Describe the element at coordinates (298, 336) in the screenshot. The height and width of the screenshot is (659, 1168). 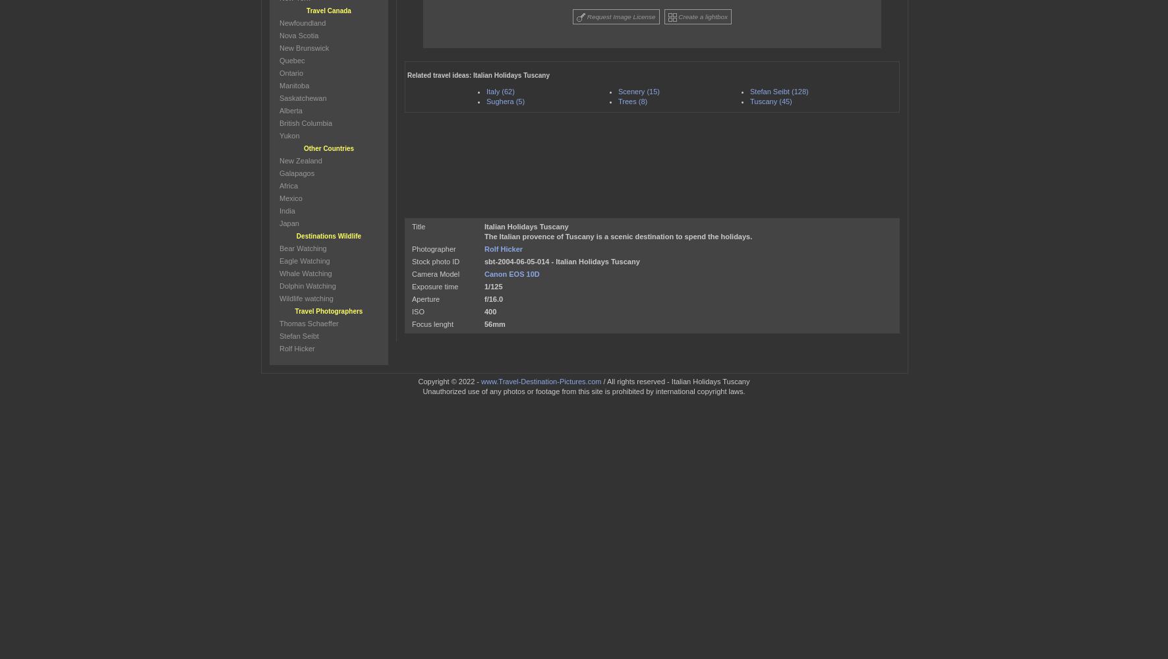
I see `'Stefan Seibt'` at that location.